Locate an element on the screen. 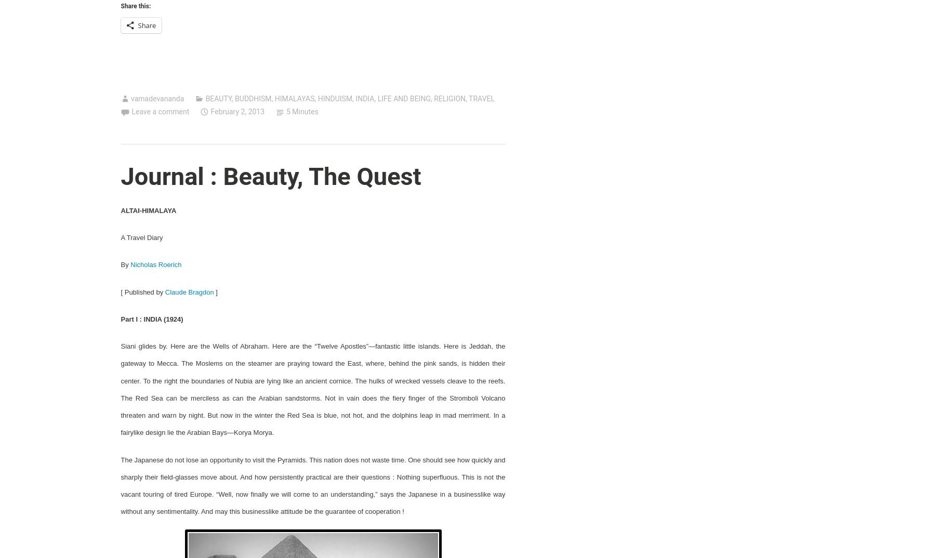 The height and width of the screenshot is (558, 926). 'BUDDHISM' is located at coordinates (253, 98).